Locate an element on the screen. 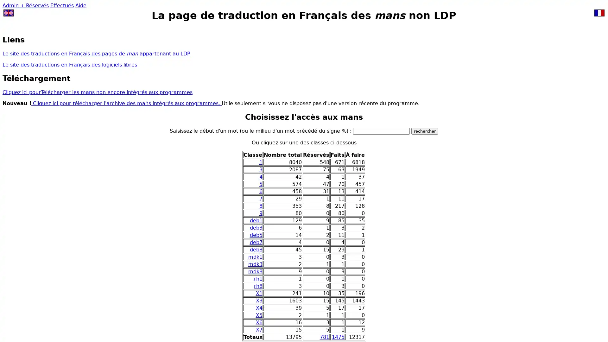 The width and height of the screenshot is (608, 342). rechercher is located at coordinates (425, 130).